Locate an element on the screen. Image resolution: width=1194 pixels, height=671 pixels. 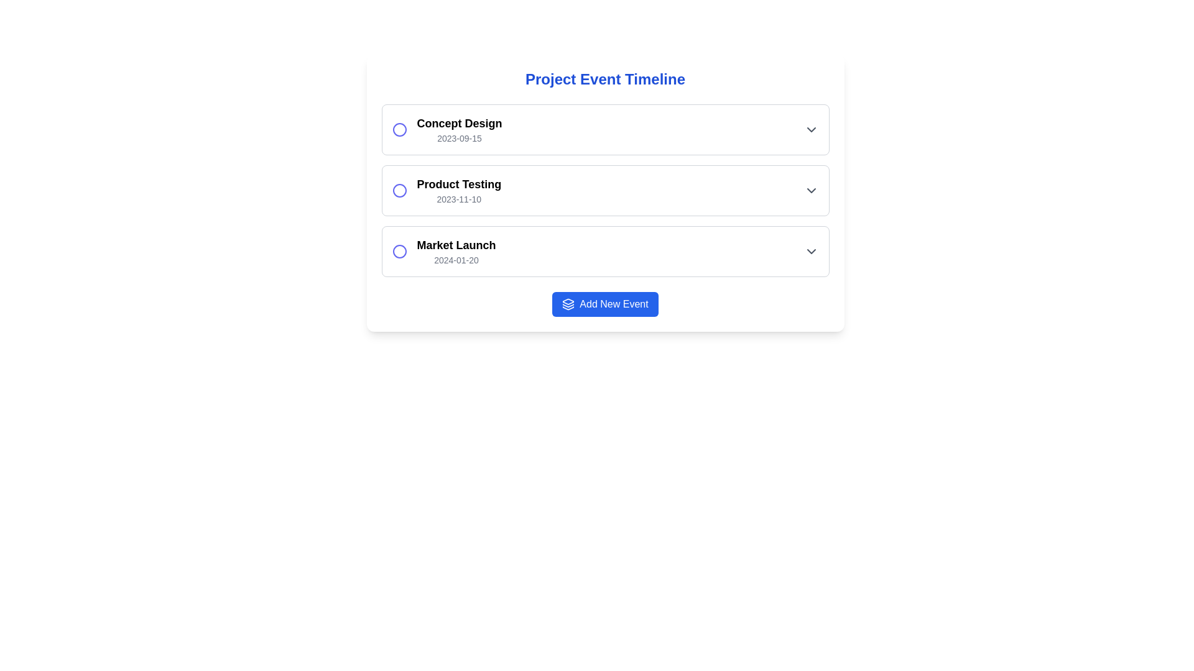
the primary text element displaying the title and date for the 'Concept Design' event in the project timeline, which is located in the first row of a vertically stacked list of events is located at coordinates (459, 129).